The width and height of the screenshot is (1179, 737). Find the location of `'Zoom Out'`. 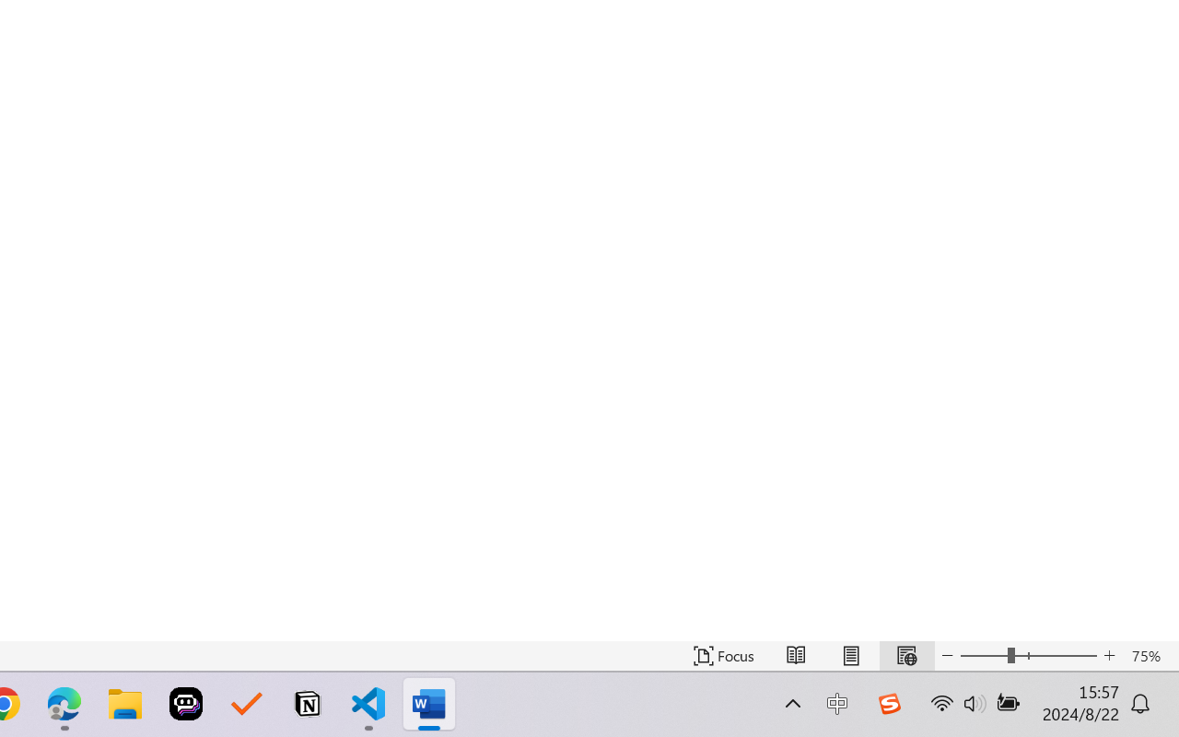

'Zoom Out' is located at coordinates (983, 655).